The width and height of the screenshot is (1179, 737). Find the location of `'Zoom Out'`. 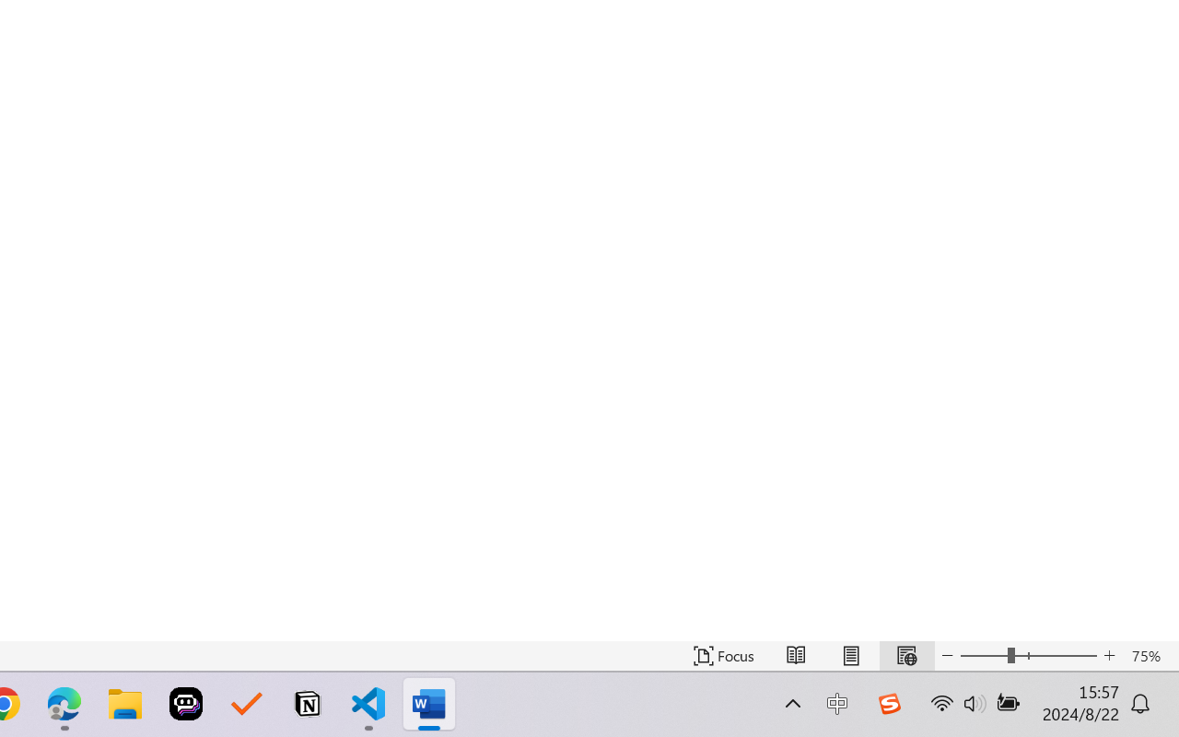

'Zoom Out' is located at coordinates (983, 655).